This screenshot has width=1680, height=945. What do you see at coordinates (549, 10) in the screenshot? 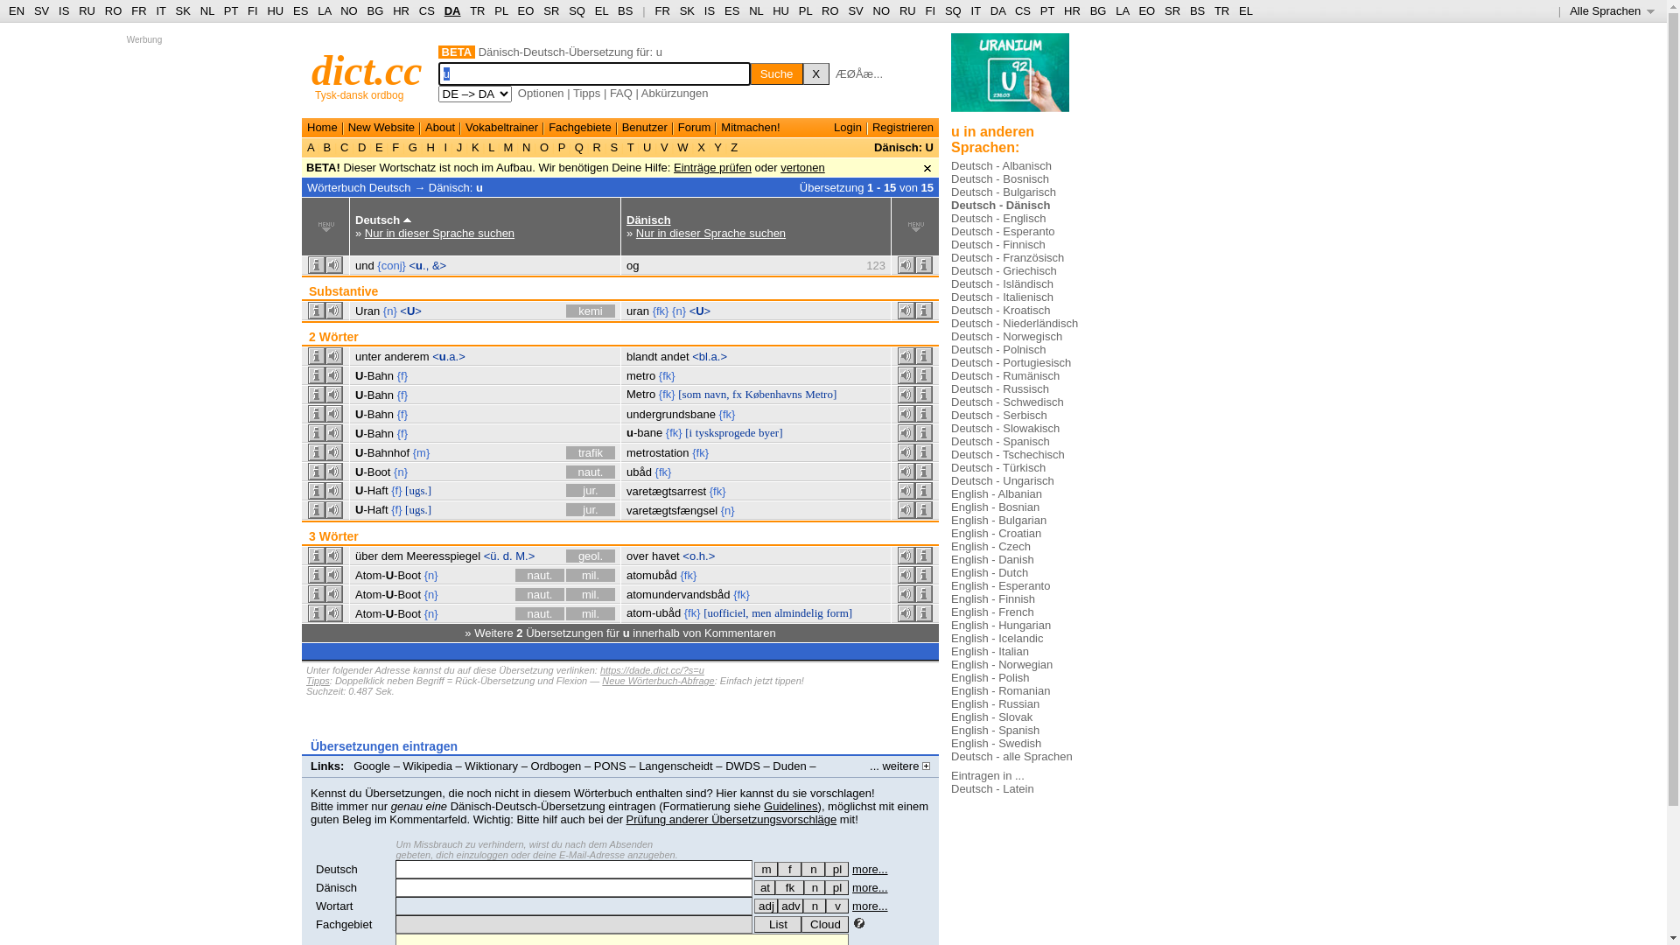
I see `'SR'` at bounding box center [549, 10].